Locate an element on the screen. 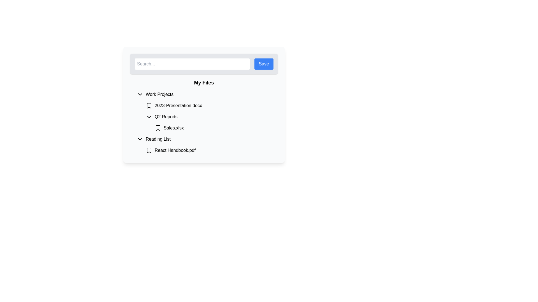 The width and height of the screenshot is (538, 302). the List Item labeled '2023-Presentation.docx' is located at coordinates (210, 106).